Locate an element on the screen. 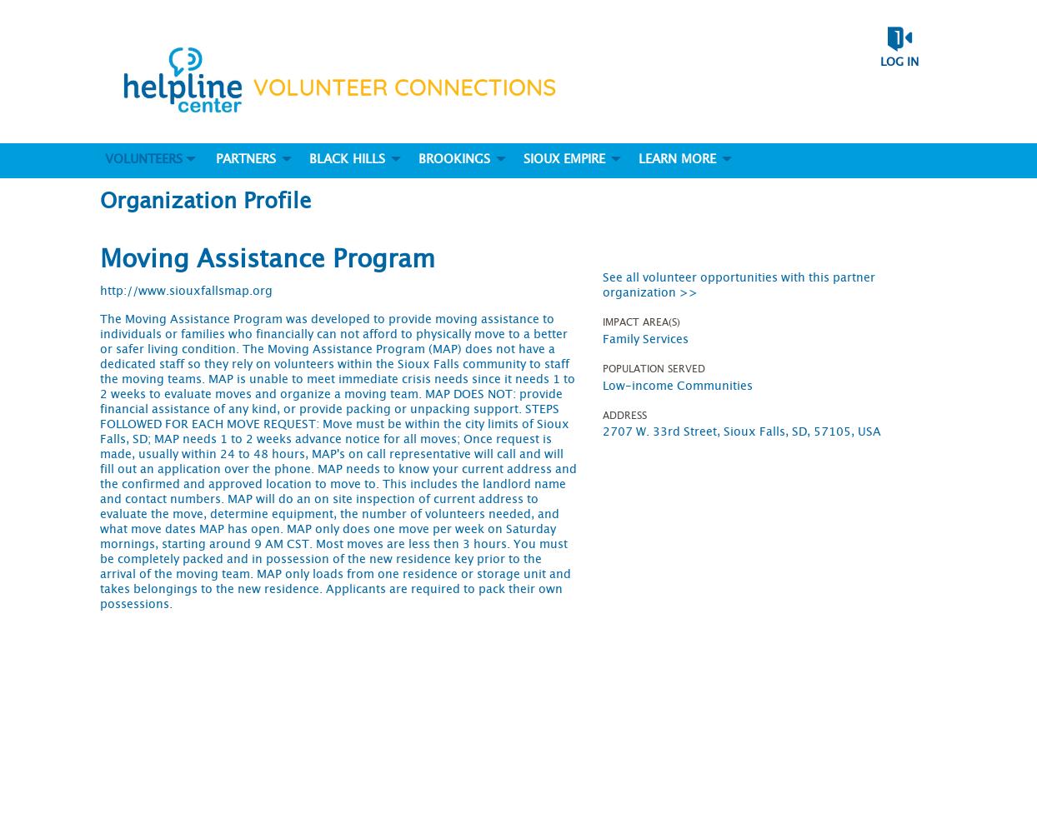  'Population Served' is located at coordinates (654, 367).